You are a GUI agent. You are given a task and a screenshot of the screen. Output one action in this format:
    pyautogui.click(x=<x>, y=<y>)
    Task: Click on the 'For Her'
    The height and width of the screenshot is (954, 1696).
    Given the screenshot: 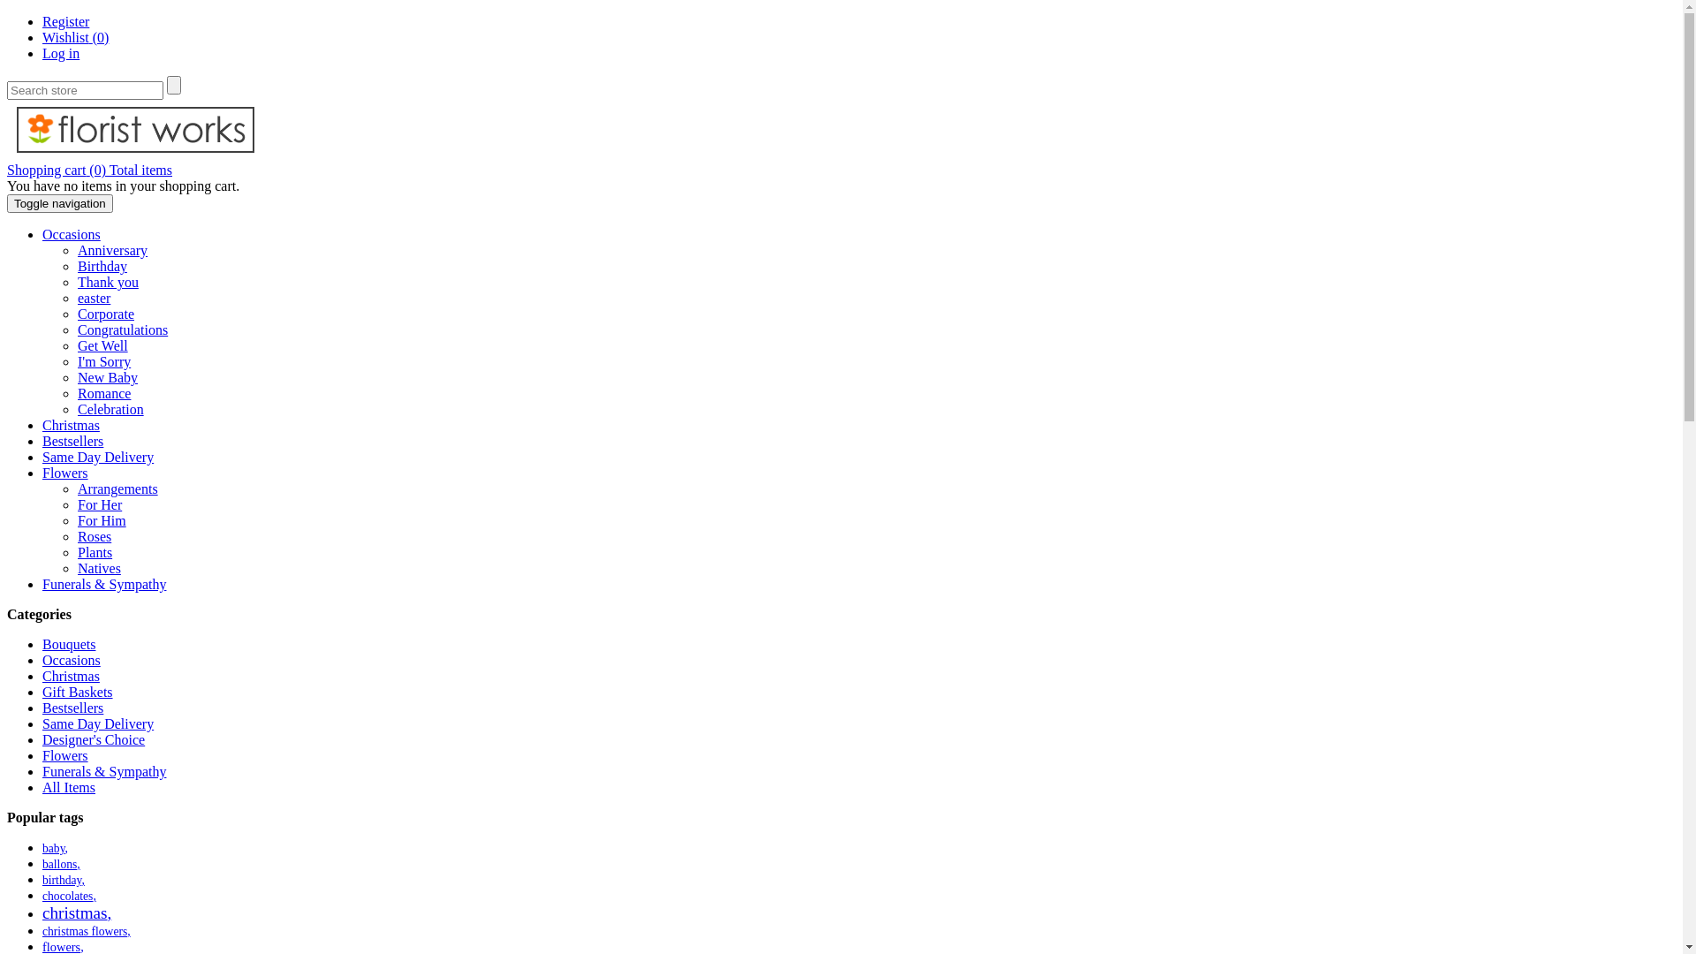 What is the action you would take?
    pyautogui.click(x=99, y=504)
    